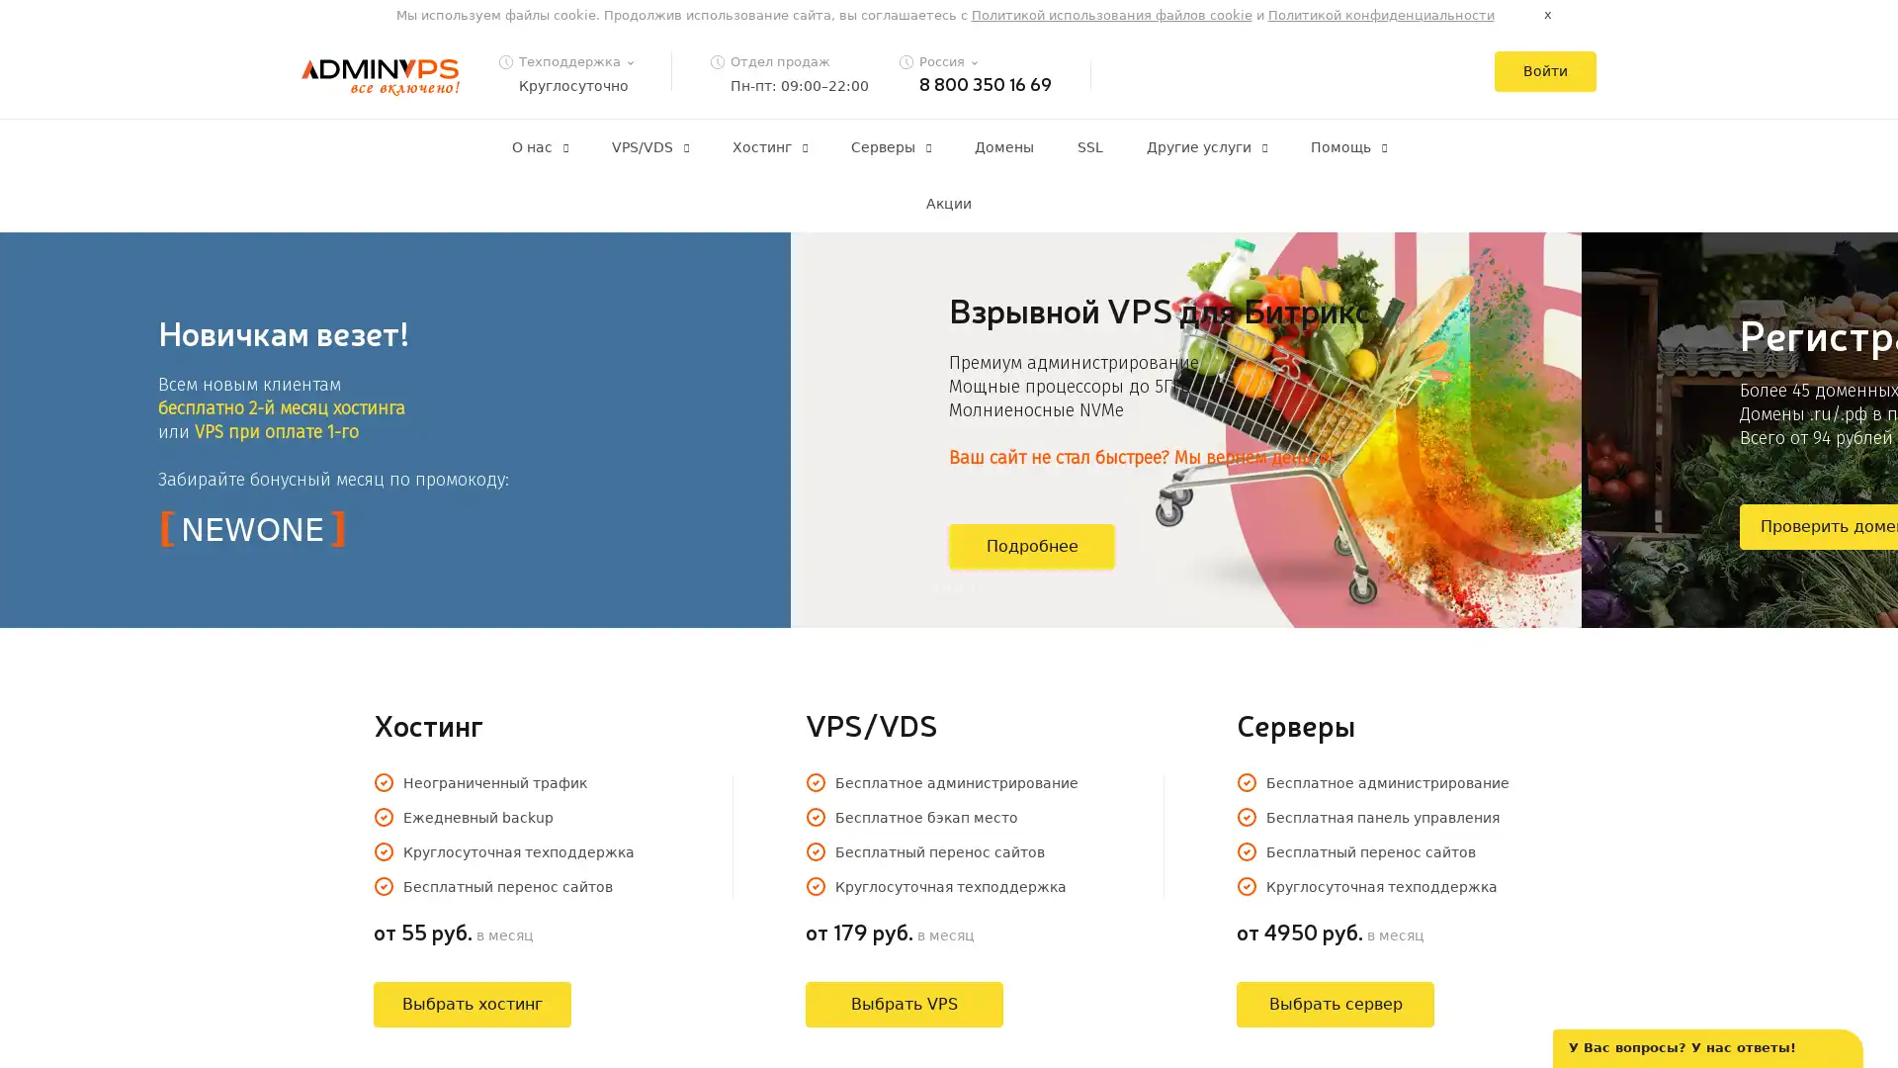 This screenshot has width=1898, height=1068. Describe the element at coordinates (94, 433) in the screenshot. I see `Previous` at that location.